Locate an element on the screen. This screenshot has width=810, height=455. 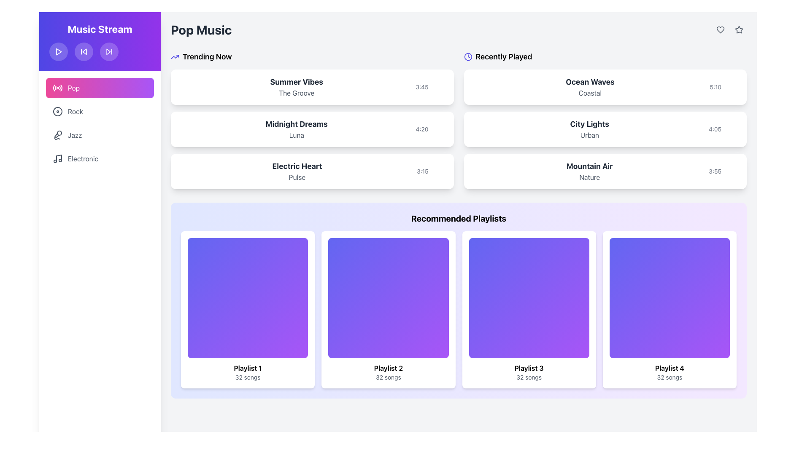
the text label indicating the number of songs in 'Playlist 3', located at the bottom of the card is located at coordinates (529, 377).